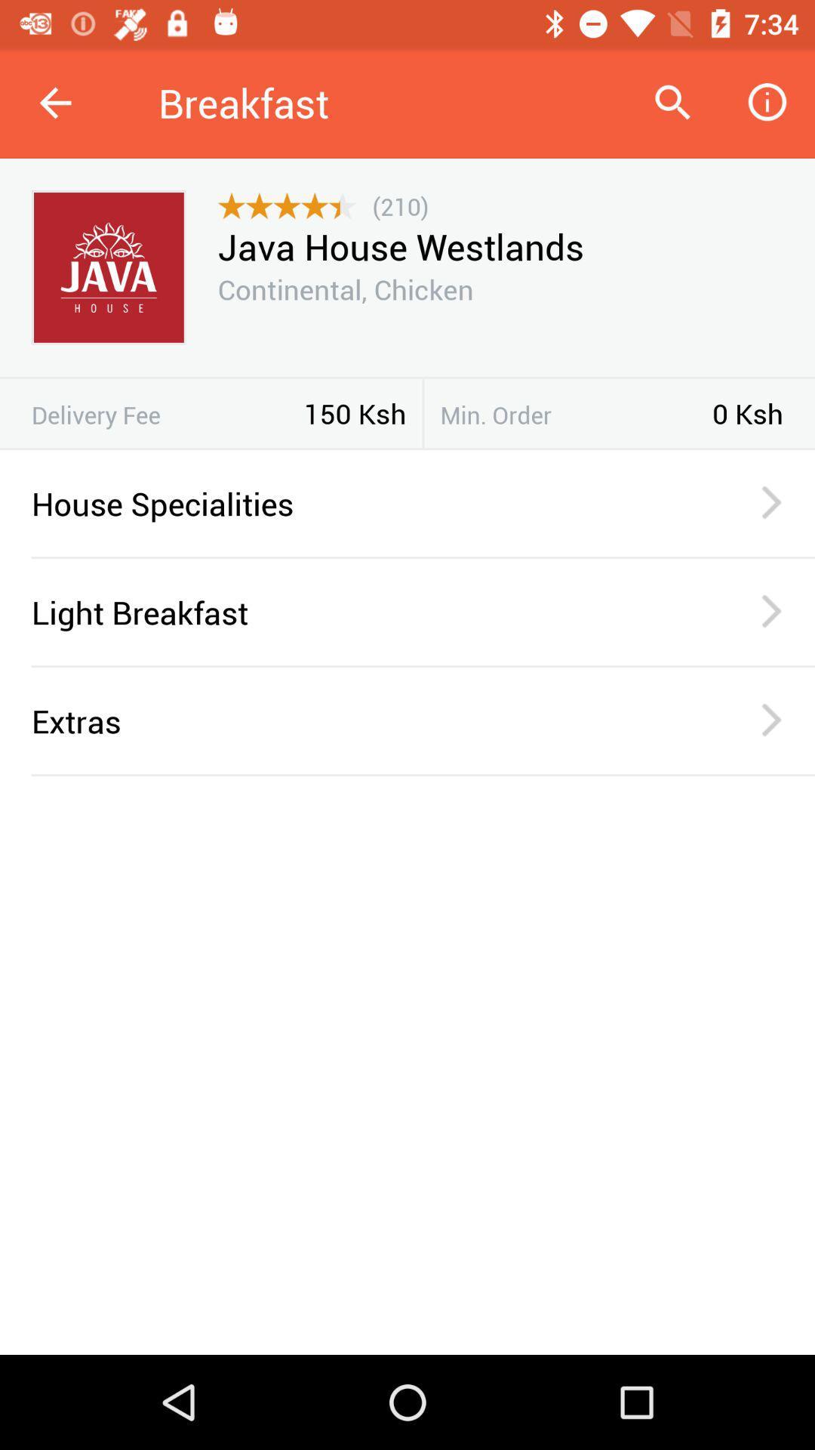 This screenshot has width=815, height=1450. What do you see at coordinates (355, 413) in the screenshot?
I see `item to the right of delivery fee icon` at bounding box center [355, 413].